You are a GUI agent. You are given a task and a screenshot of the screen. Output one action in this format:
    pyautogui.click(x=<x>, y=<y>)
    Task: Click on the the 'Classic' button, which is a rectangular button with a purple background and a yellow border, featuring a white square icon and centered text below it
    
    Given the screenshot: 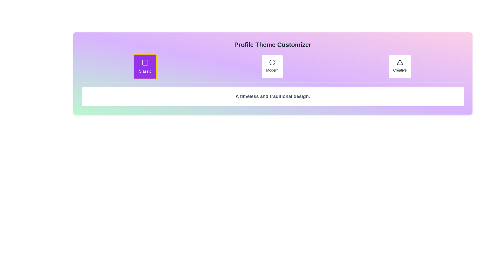 What is the action you would take?
    pyautogui.click(x=145, y=66)
    